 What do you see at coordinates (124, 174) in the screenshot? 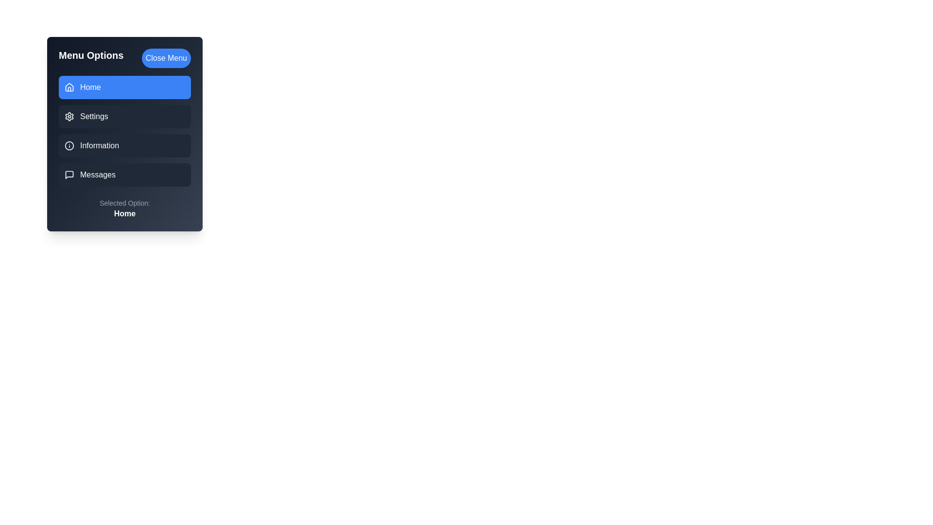
I see `the fourth menu item labeled 'Messages' in the vertical list of selectable options under 'Menu Options'` at bounding box center [124, 174].